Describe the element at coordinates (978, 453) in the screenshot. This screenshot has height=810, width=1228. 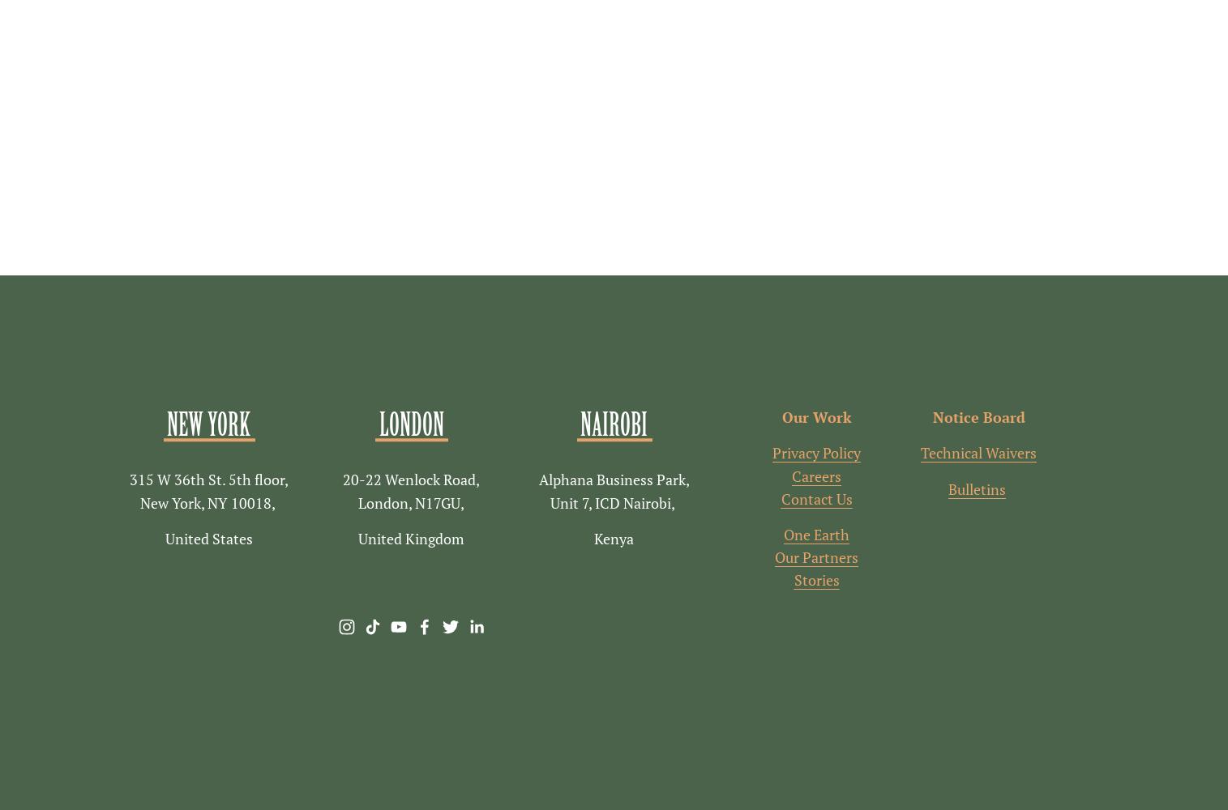
I see `'Technical Waivers'` at that location.